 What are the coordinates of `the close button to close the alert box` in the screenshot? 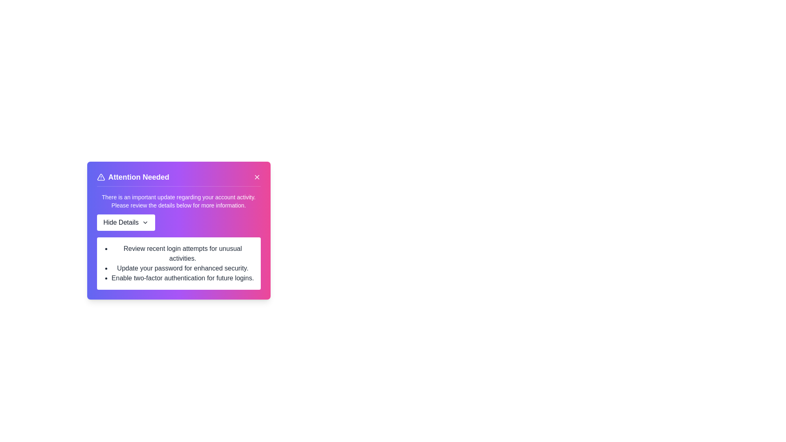 It's located at (256, 176).